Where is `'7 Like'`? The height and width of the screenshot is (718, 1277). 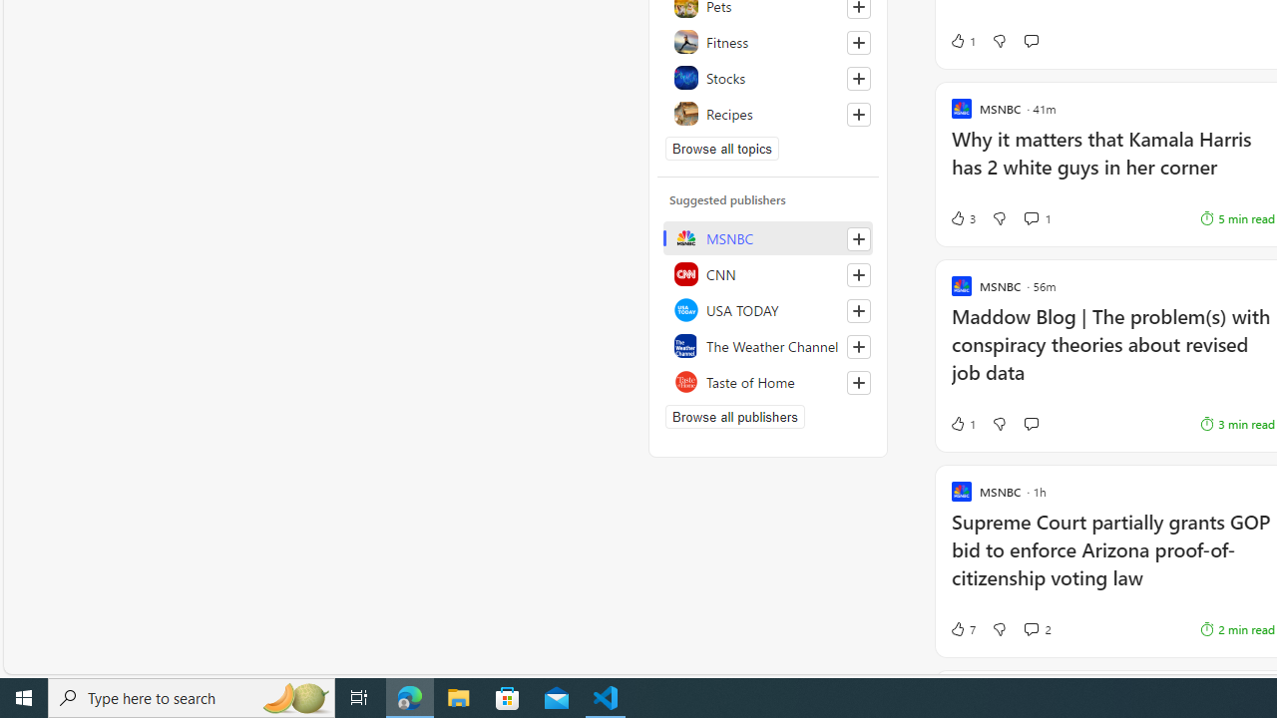
'7 Like' is located at coordinates (962, 629).